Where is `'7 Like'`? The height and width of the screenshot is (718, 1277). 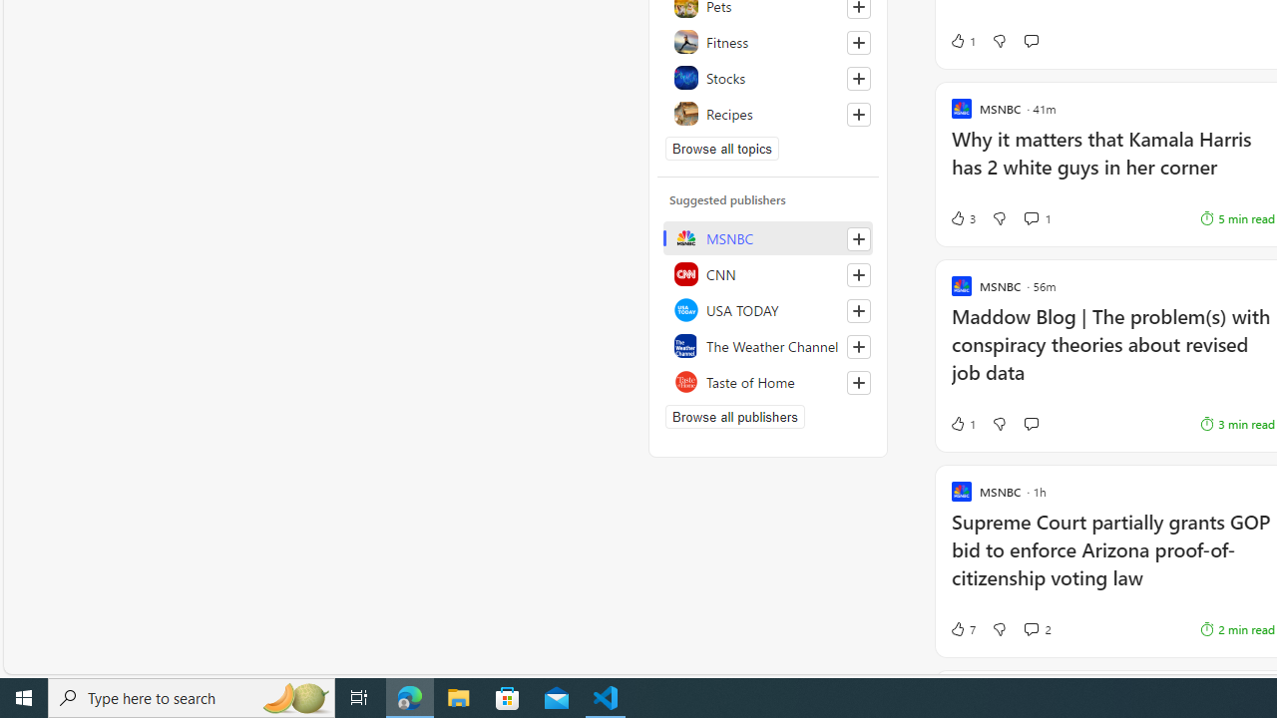
'7 Like' is located at coordinates (962, 629).